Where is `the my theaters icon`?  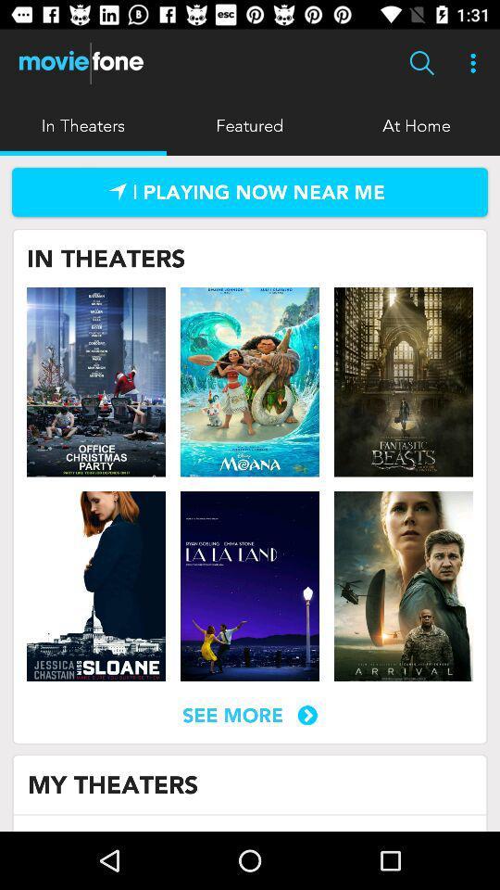 the my theaters icon is located at coordinates (113, 783).